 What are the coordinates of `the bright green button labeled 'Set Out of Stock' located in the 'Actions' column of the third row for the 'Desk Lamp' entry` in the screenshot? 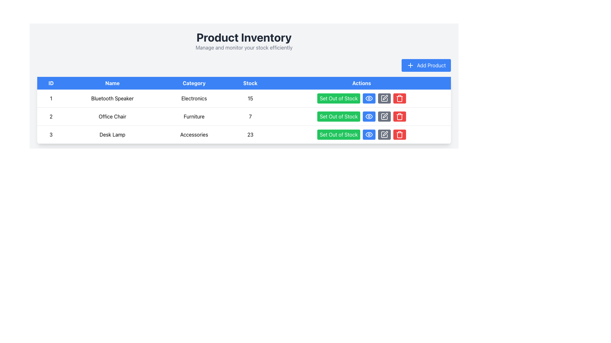 It's located at (338, 134).